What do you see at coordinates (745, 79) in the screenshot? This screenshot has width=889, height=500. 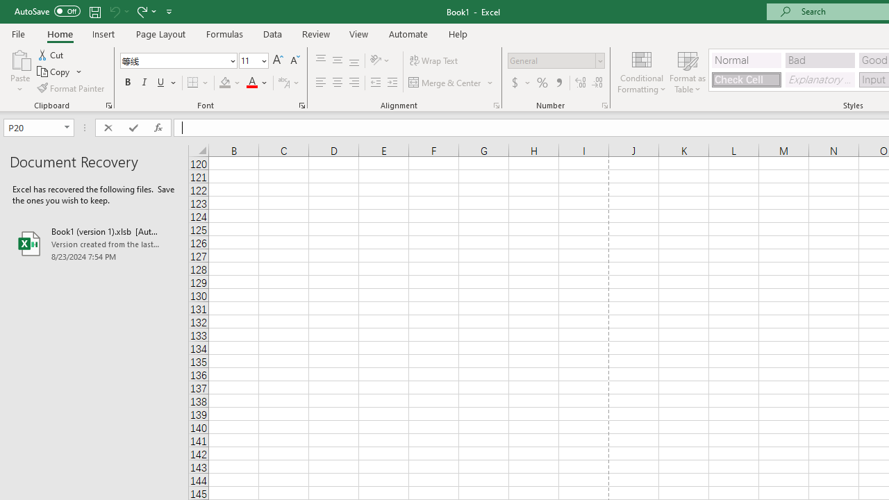 I see `'Check Cell'` at bounding box center [745, 79].